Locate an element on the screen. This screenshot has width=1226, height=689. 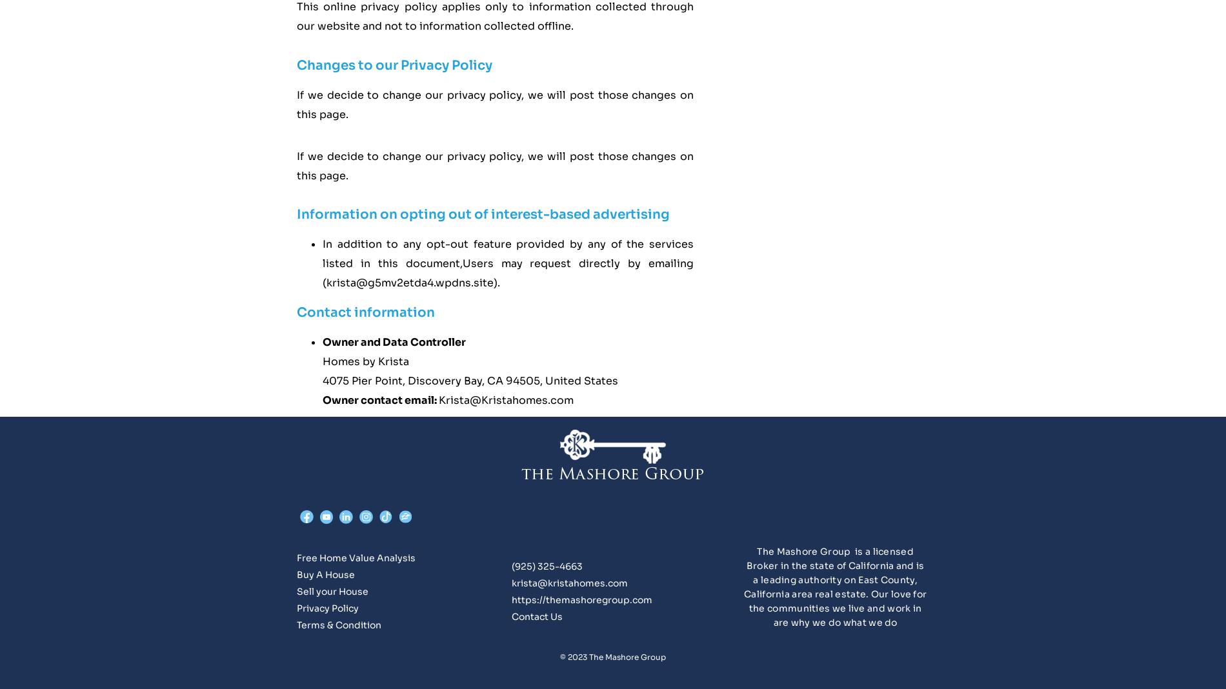
'This online privacy policy applies only to information collected through our website and not to information collected offline.' is located at coordinates (296, 15).